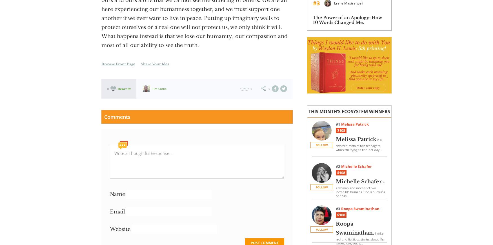 This screenshot has width=493, height=245. What do you see at coordinates (250, 89) in the screenshot?
I see `'5'` at bounding box center [250, 89].